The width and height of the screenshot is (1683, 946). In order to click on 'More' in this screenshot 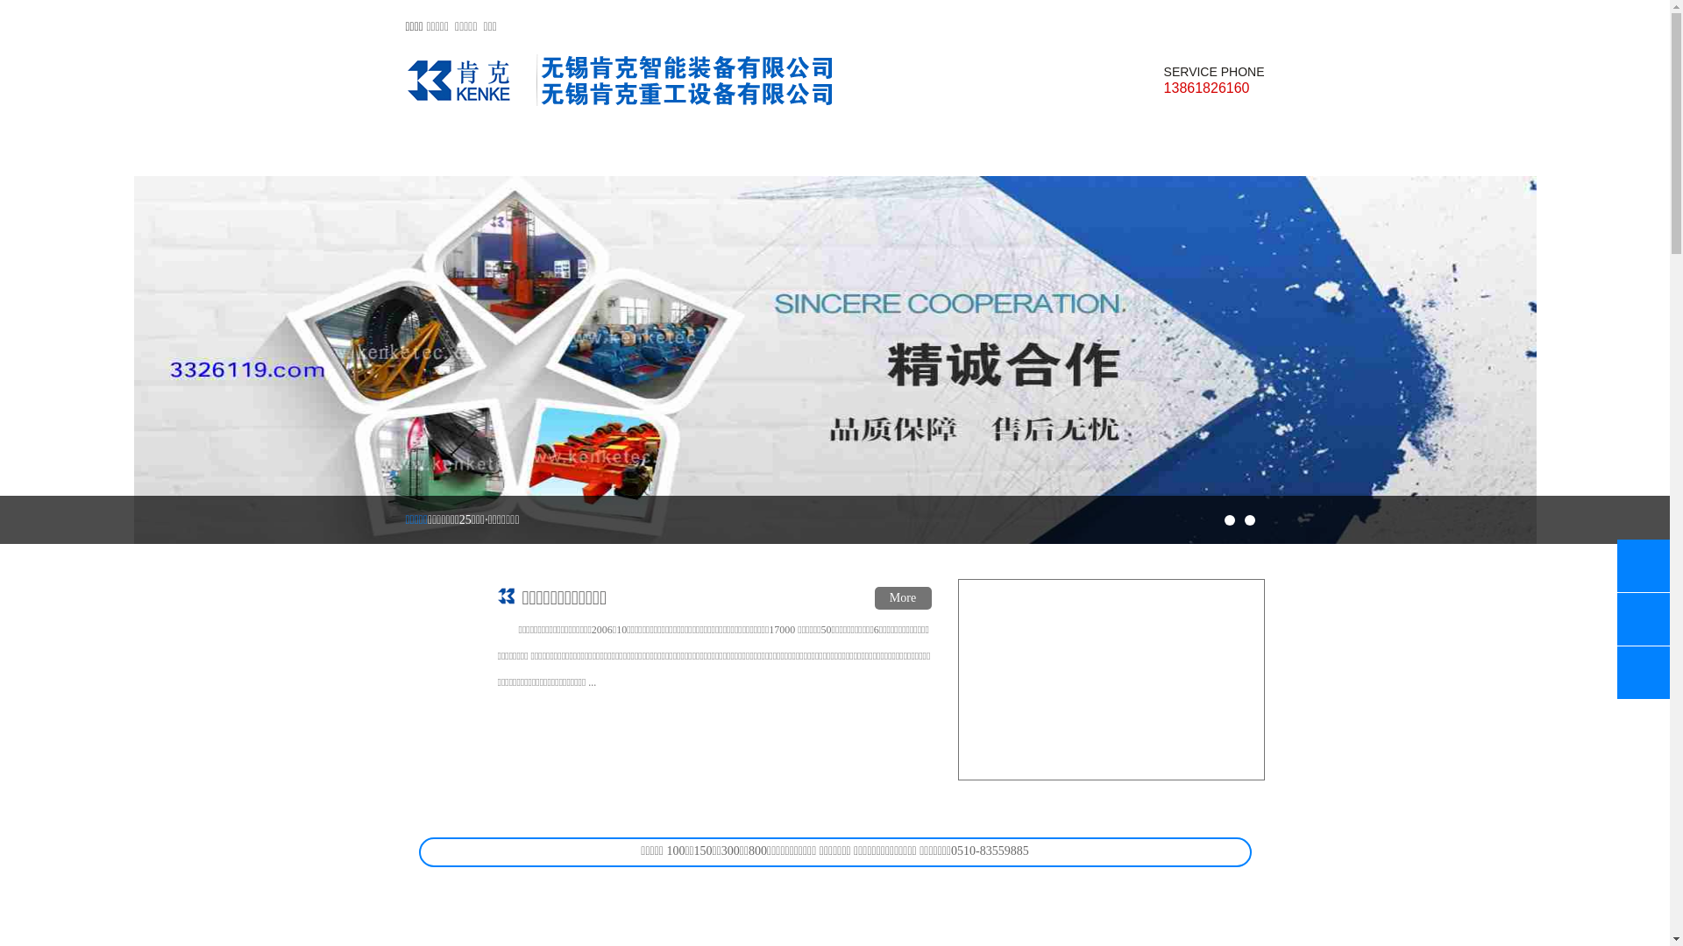, I will do `click(903, 597)`.